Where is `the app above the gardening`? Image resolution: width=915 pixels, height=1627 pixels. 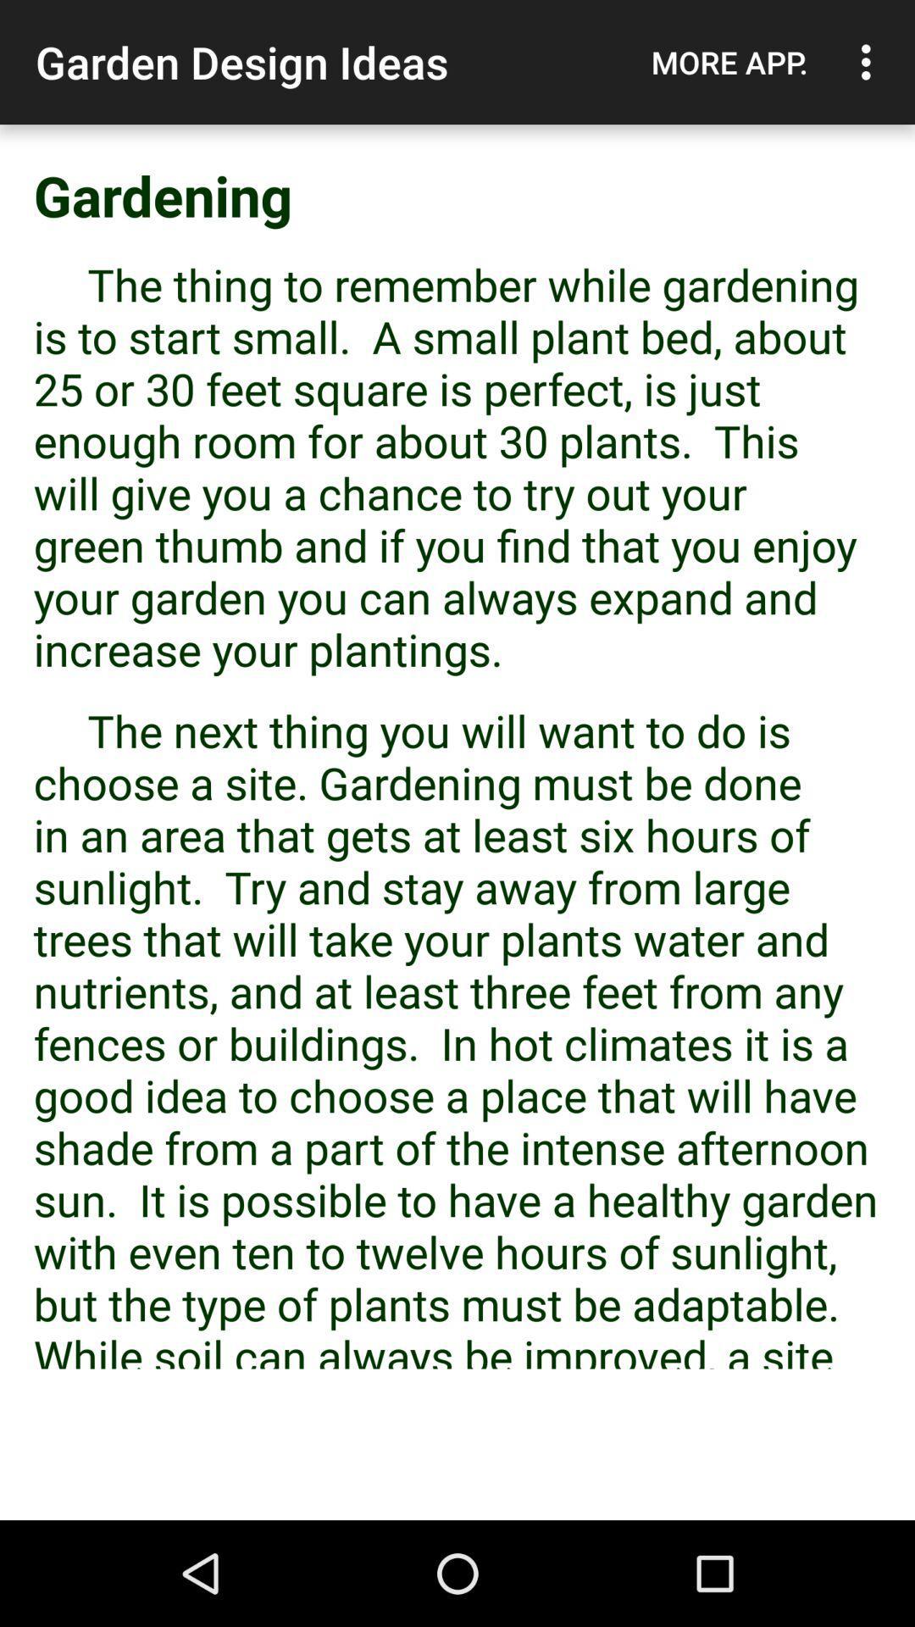
the app above the gardening is located at coordinates (729, 62).